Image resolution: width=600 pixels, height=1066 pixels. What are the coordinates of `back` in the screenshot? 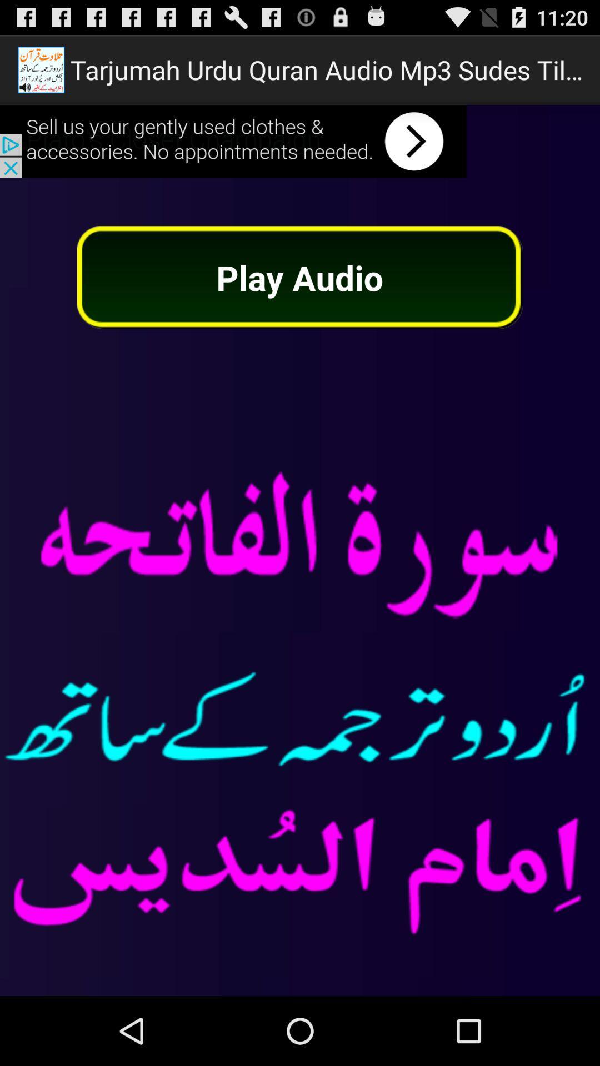 It's located at (233, 140).